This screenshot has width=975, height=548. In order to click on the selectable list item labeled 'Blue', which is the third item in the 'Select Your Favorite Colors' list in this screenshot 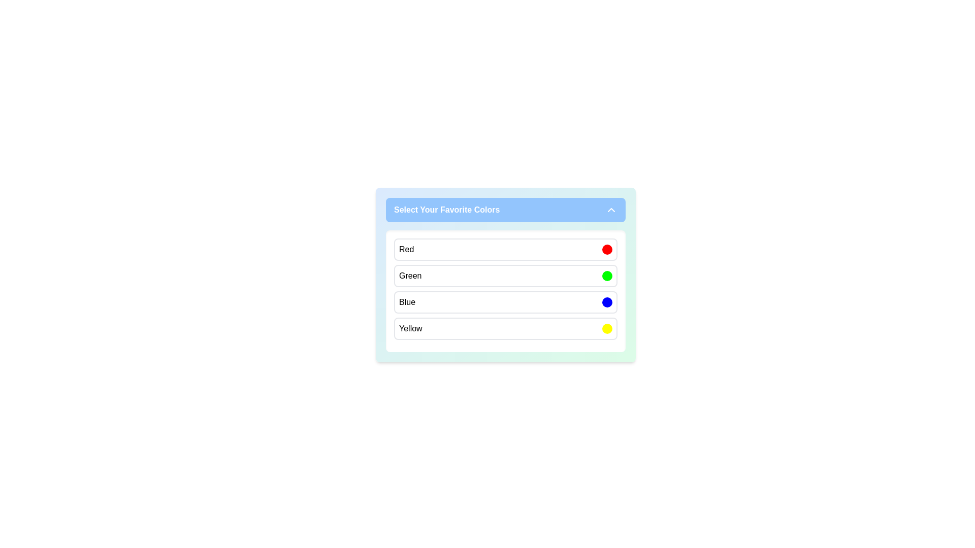, I will do `click(506, 302)`.